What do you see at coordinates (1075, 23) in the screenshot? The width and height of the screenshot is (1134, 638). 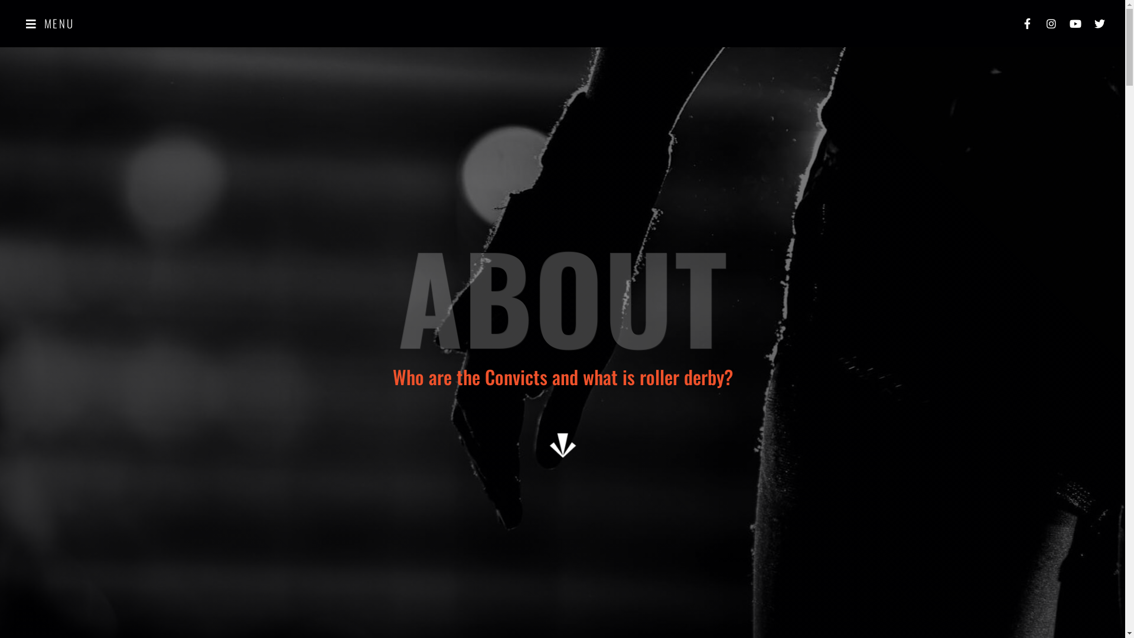 I see `'Youtube'` at bounding box center [1075, 23].